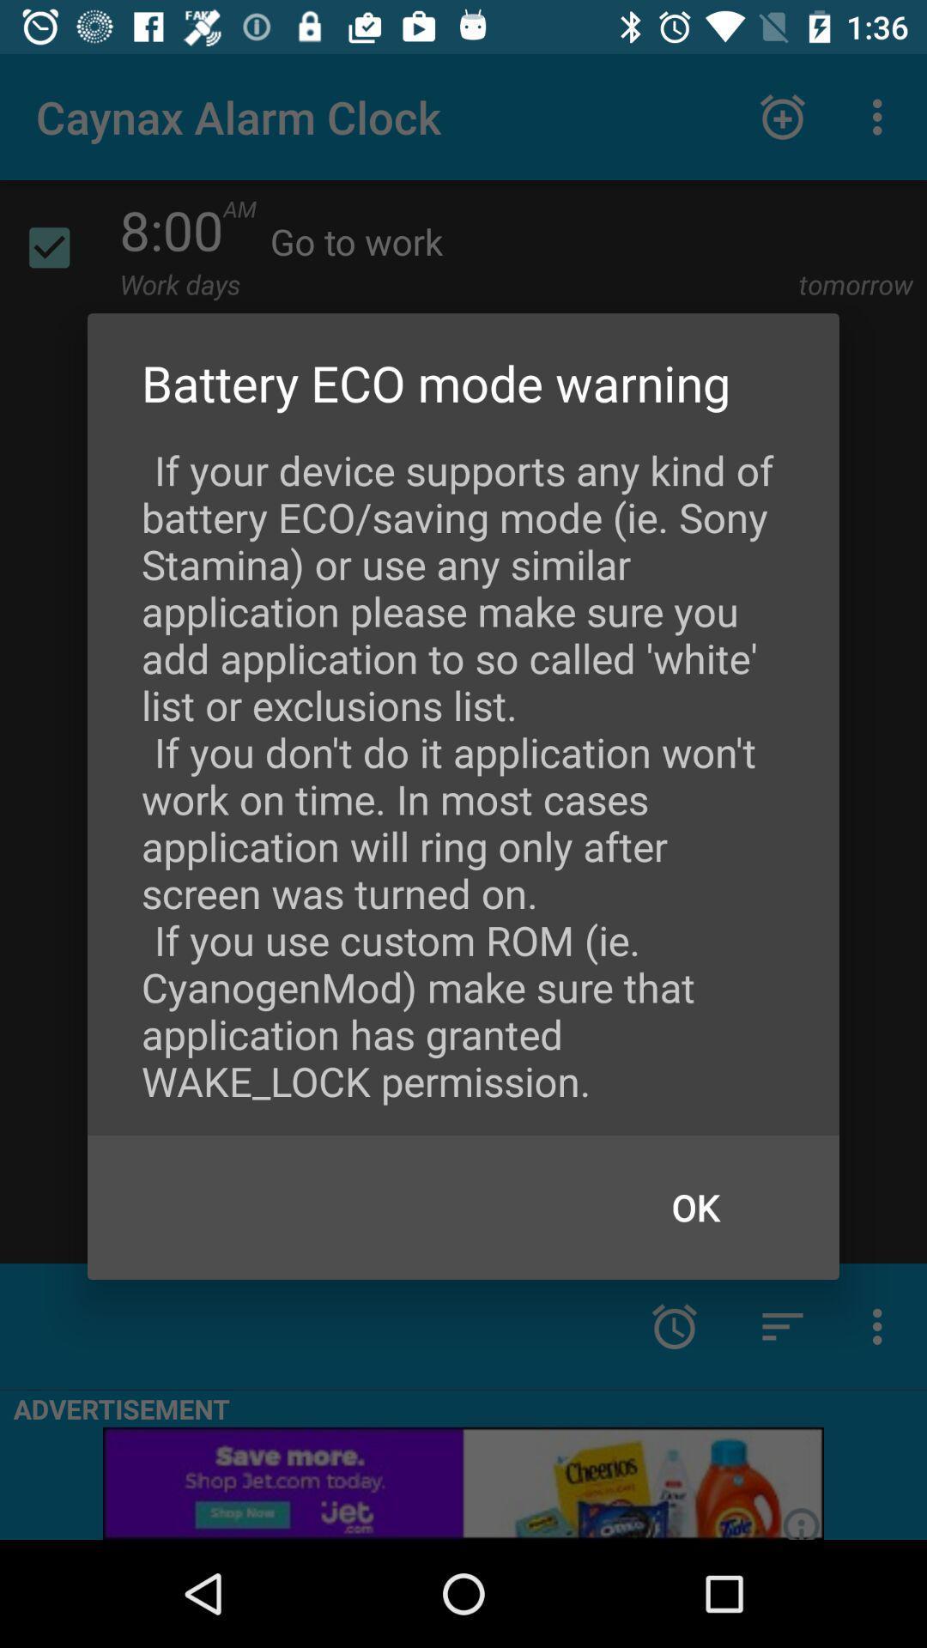 The width and height of the screenshot is (927, 1648). I want to click on ok icon, so click(695, 1206).